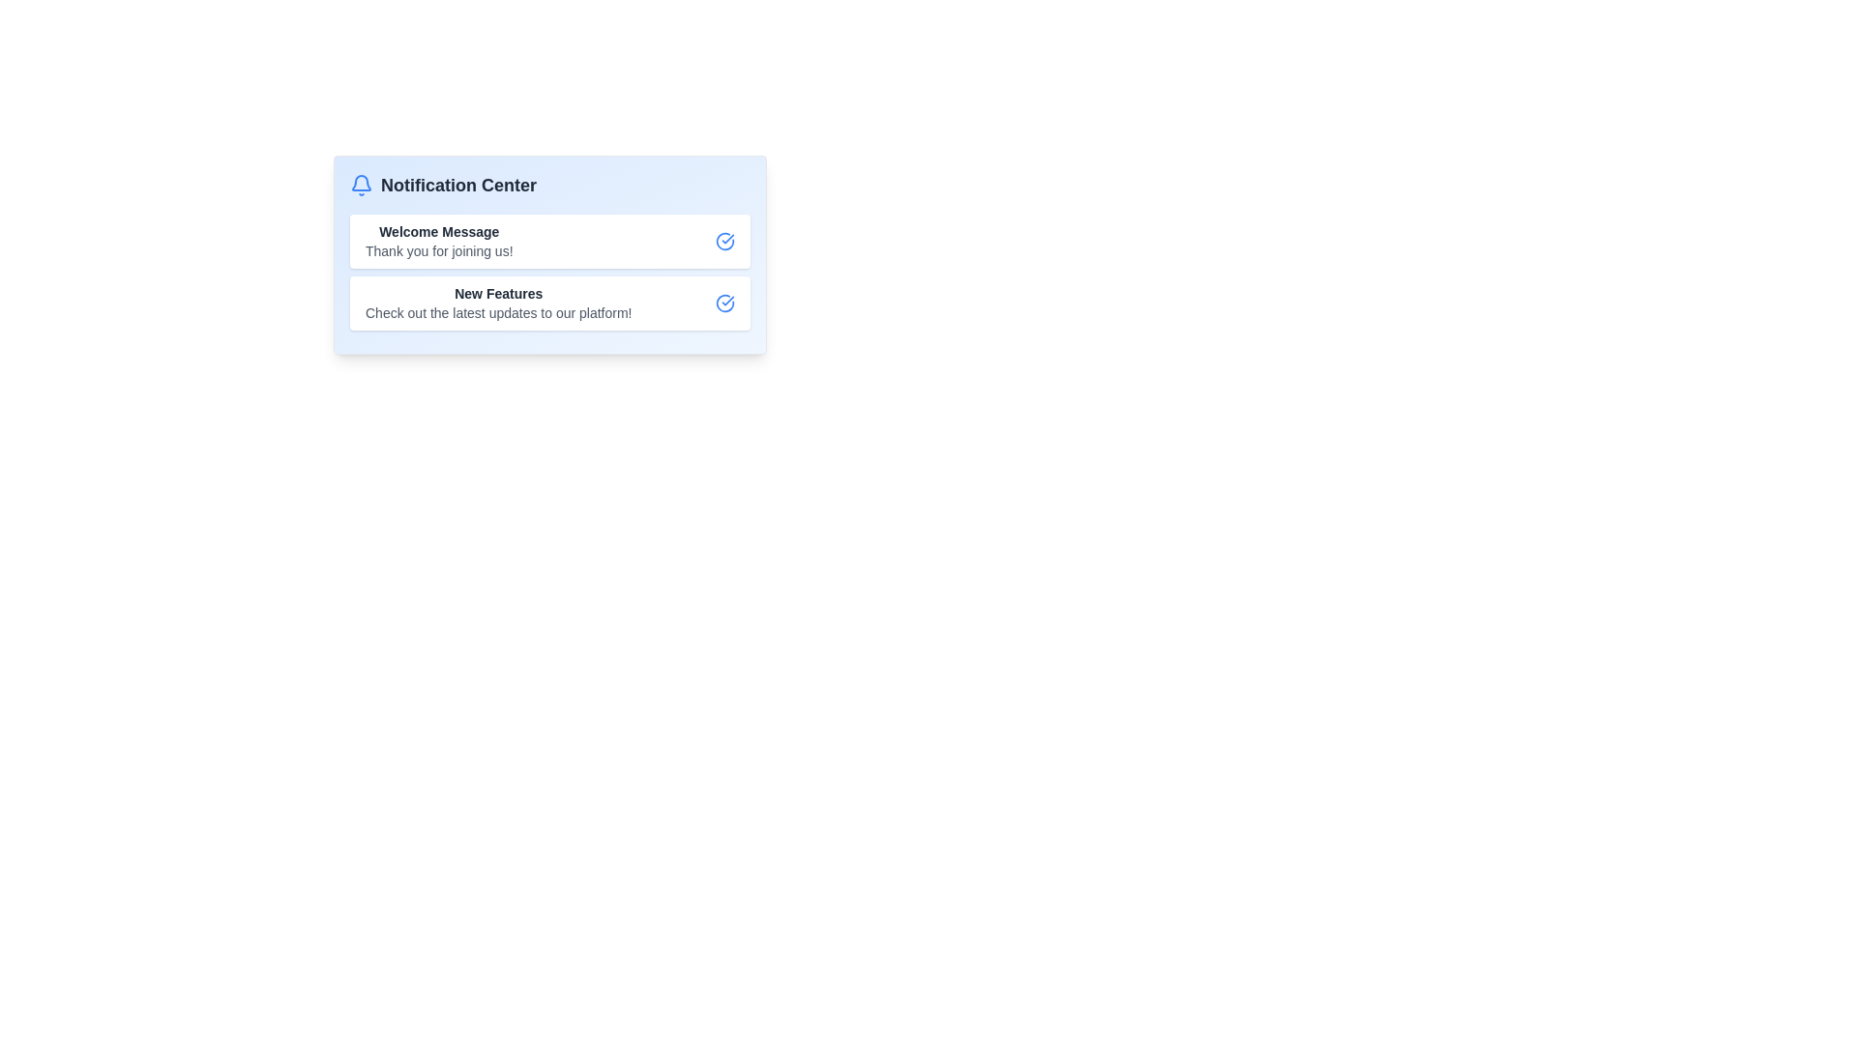 The height and width of the screenshot is (1044, 1857). Describe the element at coordinates (498, 303) in the screenshot. I see `the text section displaying 'New Features' and 'Check out the latest updates to our platform!' in the notification center panel` at that location.